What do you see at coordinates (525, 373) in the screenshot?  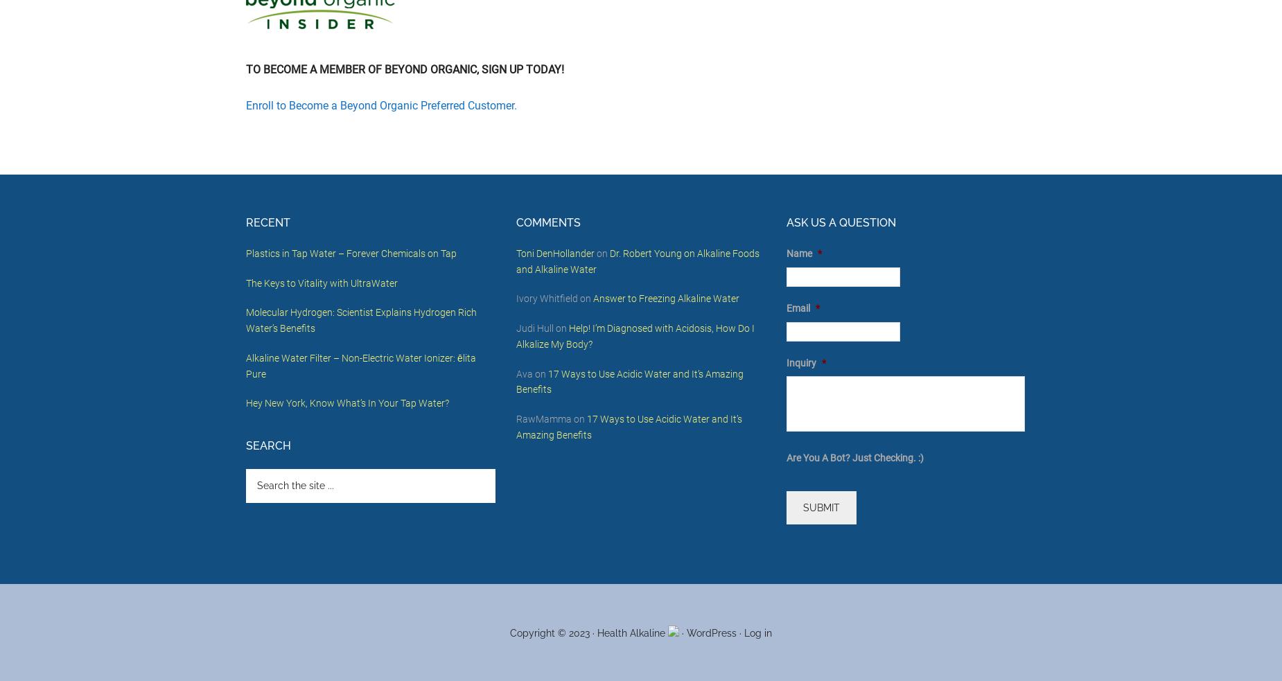 I see `'Ava'` at bounding box center [525, 373].